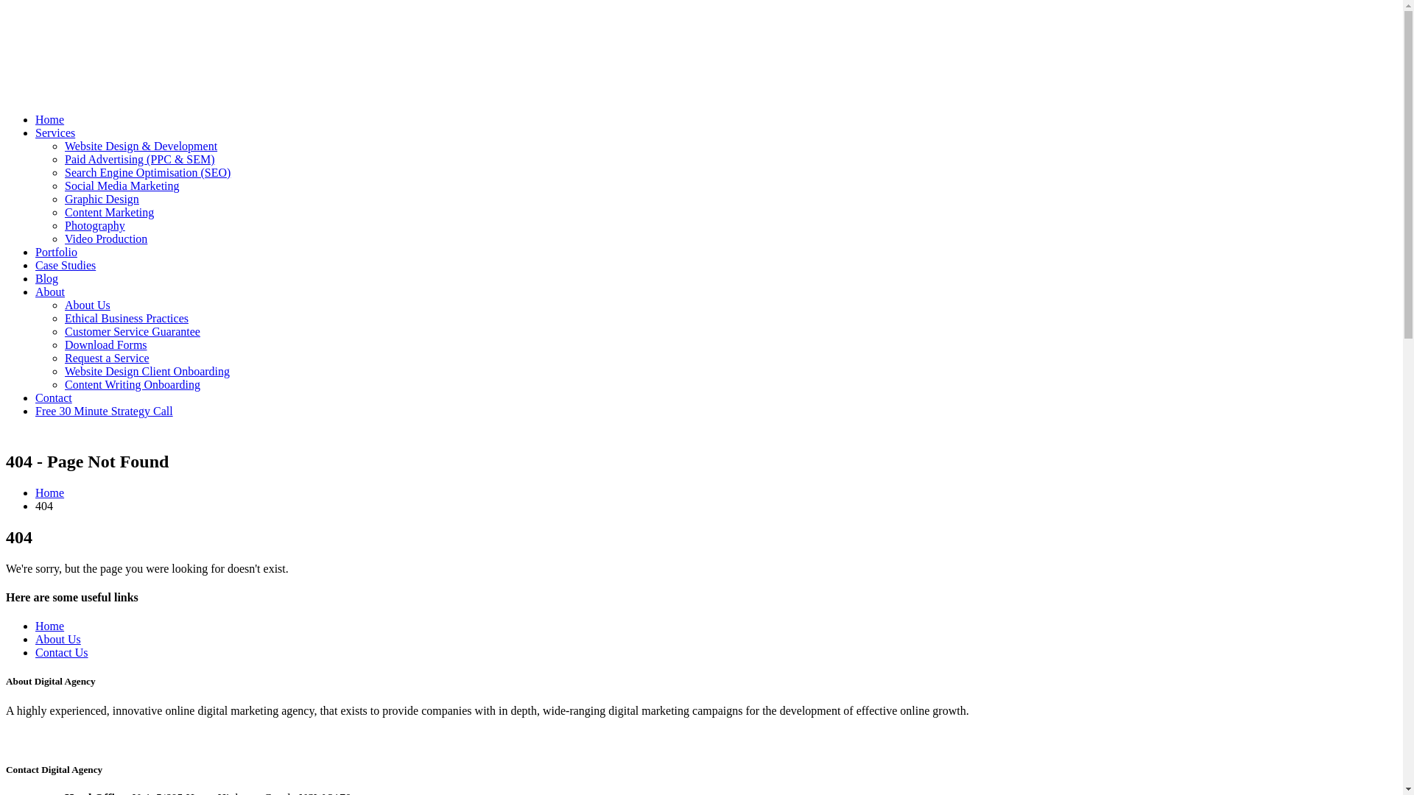 The width and height of the screenshot is (1414, 795). I want to click on 'Contact Us', so click(60, 651).